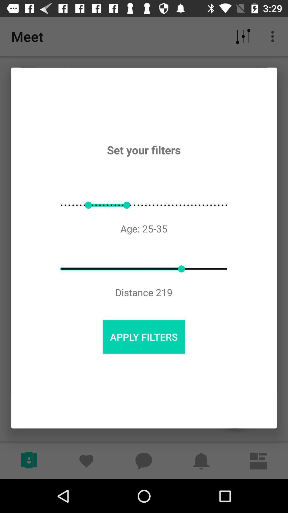 The height and width of the screenshot is (513, 288). I want to click on the apply filters item, so click(143, 336).